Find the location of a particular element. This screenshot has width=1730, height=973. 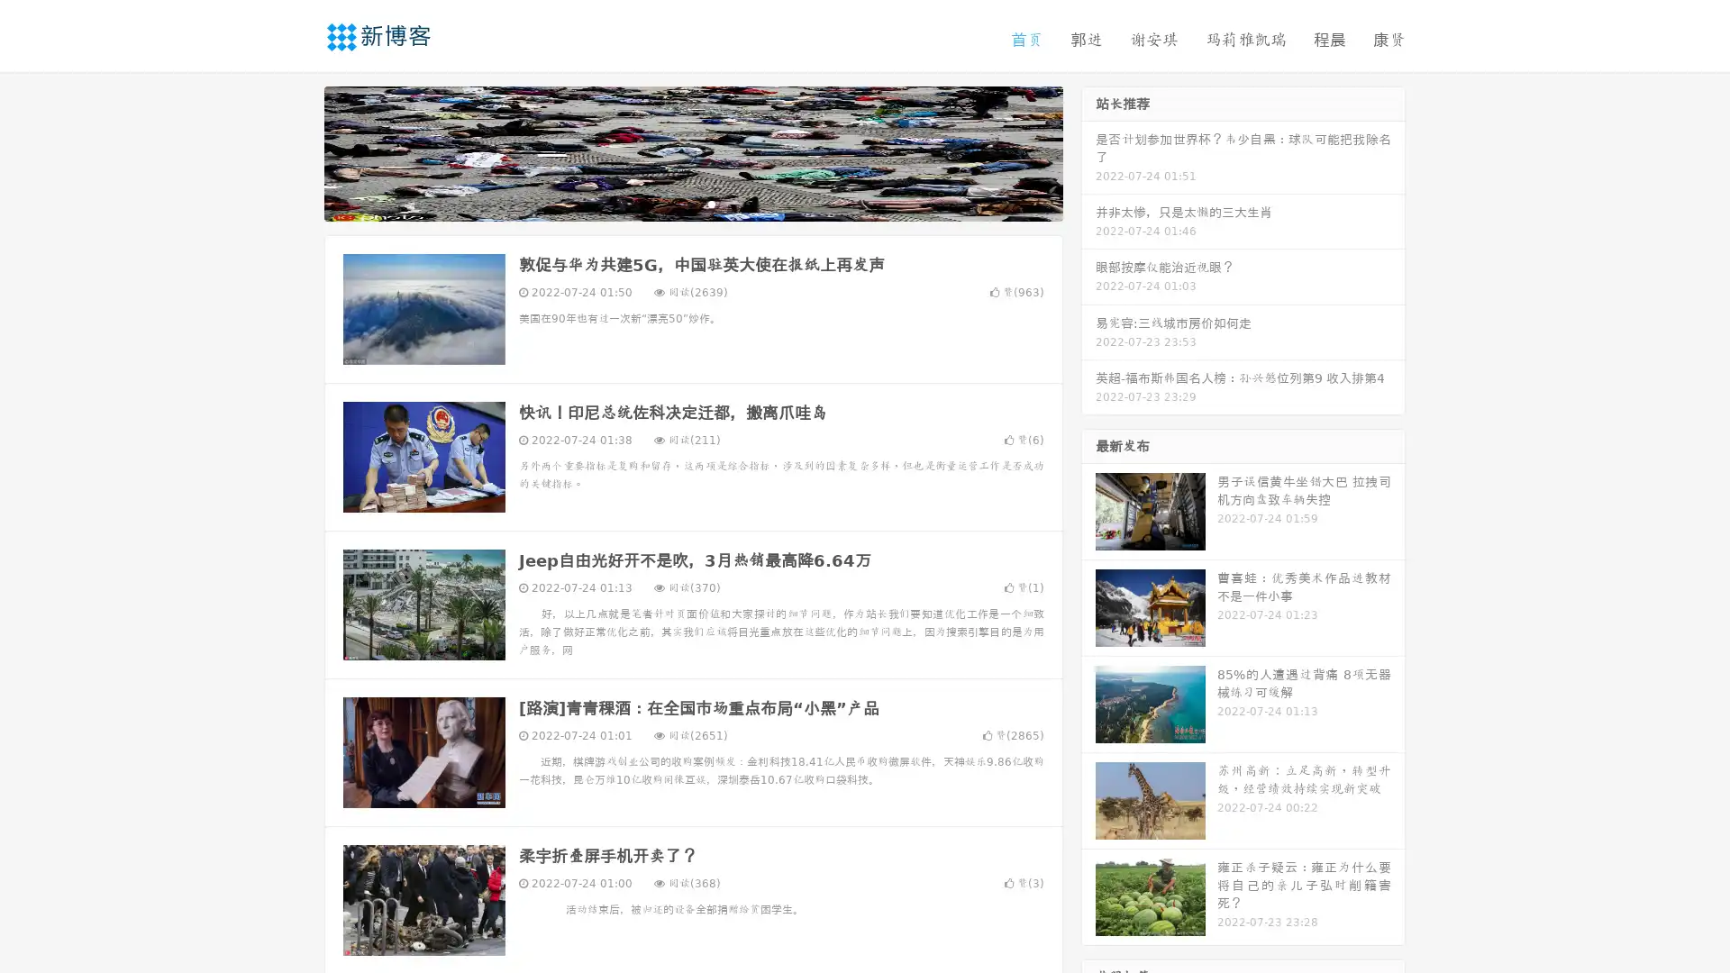

Go to slide 3 is located at coordinates (711, 203).